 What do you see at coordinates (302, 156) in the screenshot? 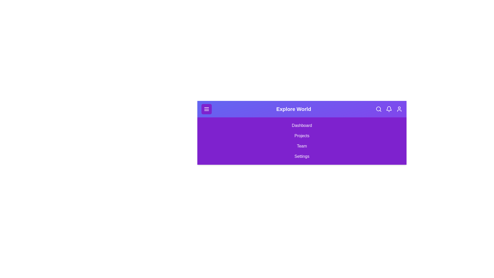
I see `the 'Settings' text in the menu` at bounding box center [302, 156].